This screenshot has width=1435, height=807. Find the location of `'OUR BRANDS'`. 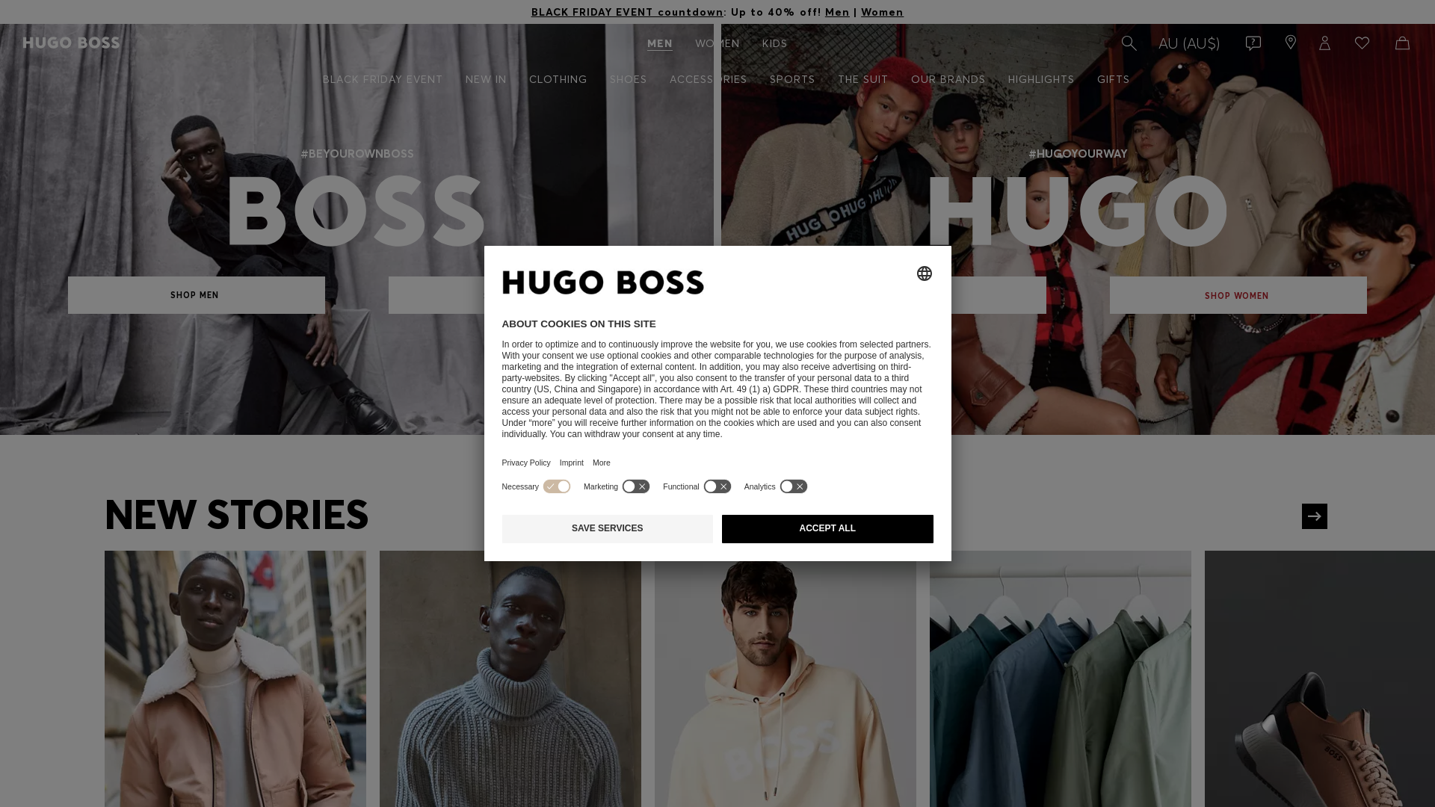

'OUR BRANDS' is located at coordinates (947, 79).